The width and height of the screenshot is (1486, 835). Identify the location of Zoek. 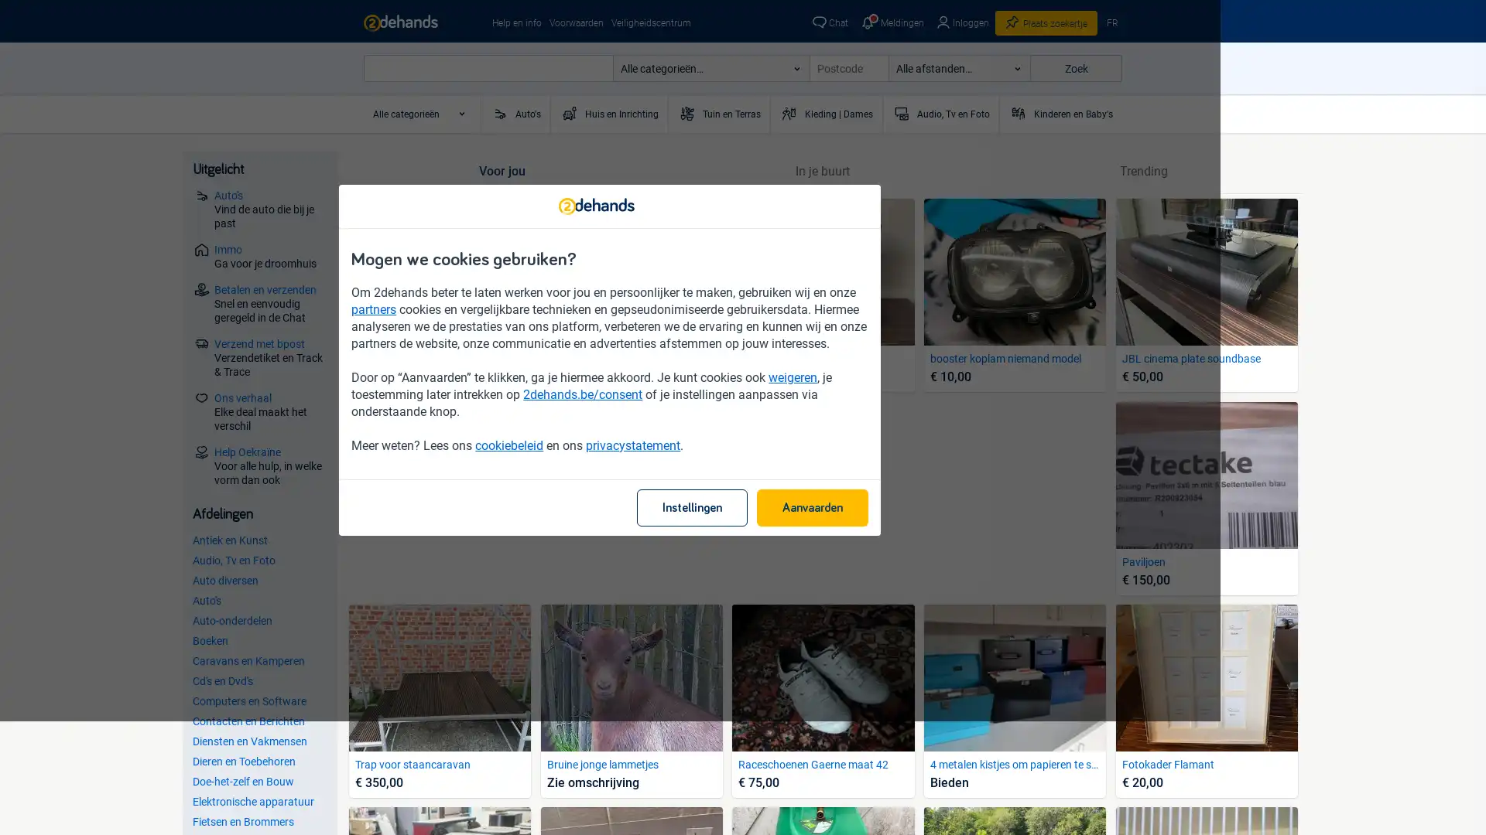
(1075, 67).